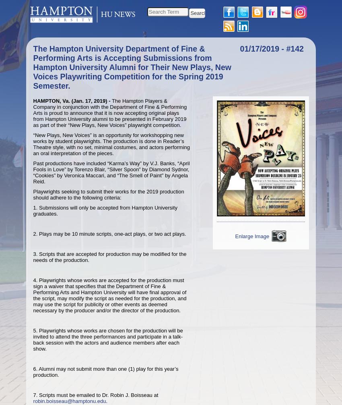 The width and height of the screenshot is (342, 405). What do you see at coordinates (33, 339) in the screenshot?
I see `'5. Playwrights whose works are chosen for the production will be invited to attend the three performances and participate in a talk-back session with the actors and audience members after each show.'` at bounding box center [33, 339].